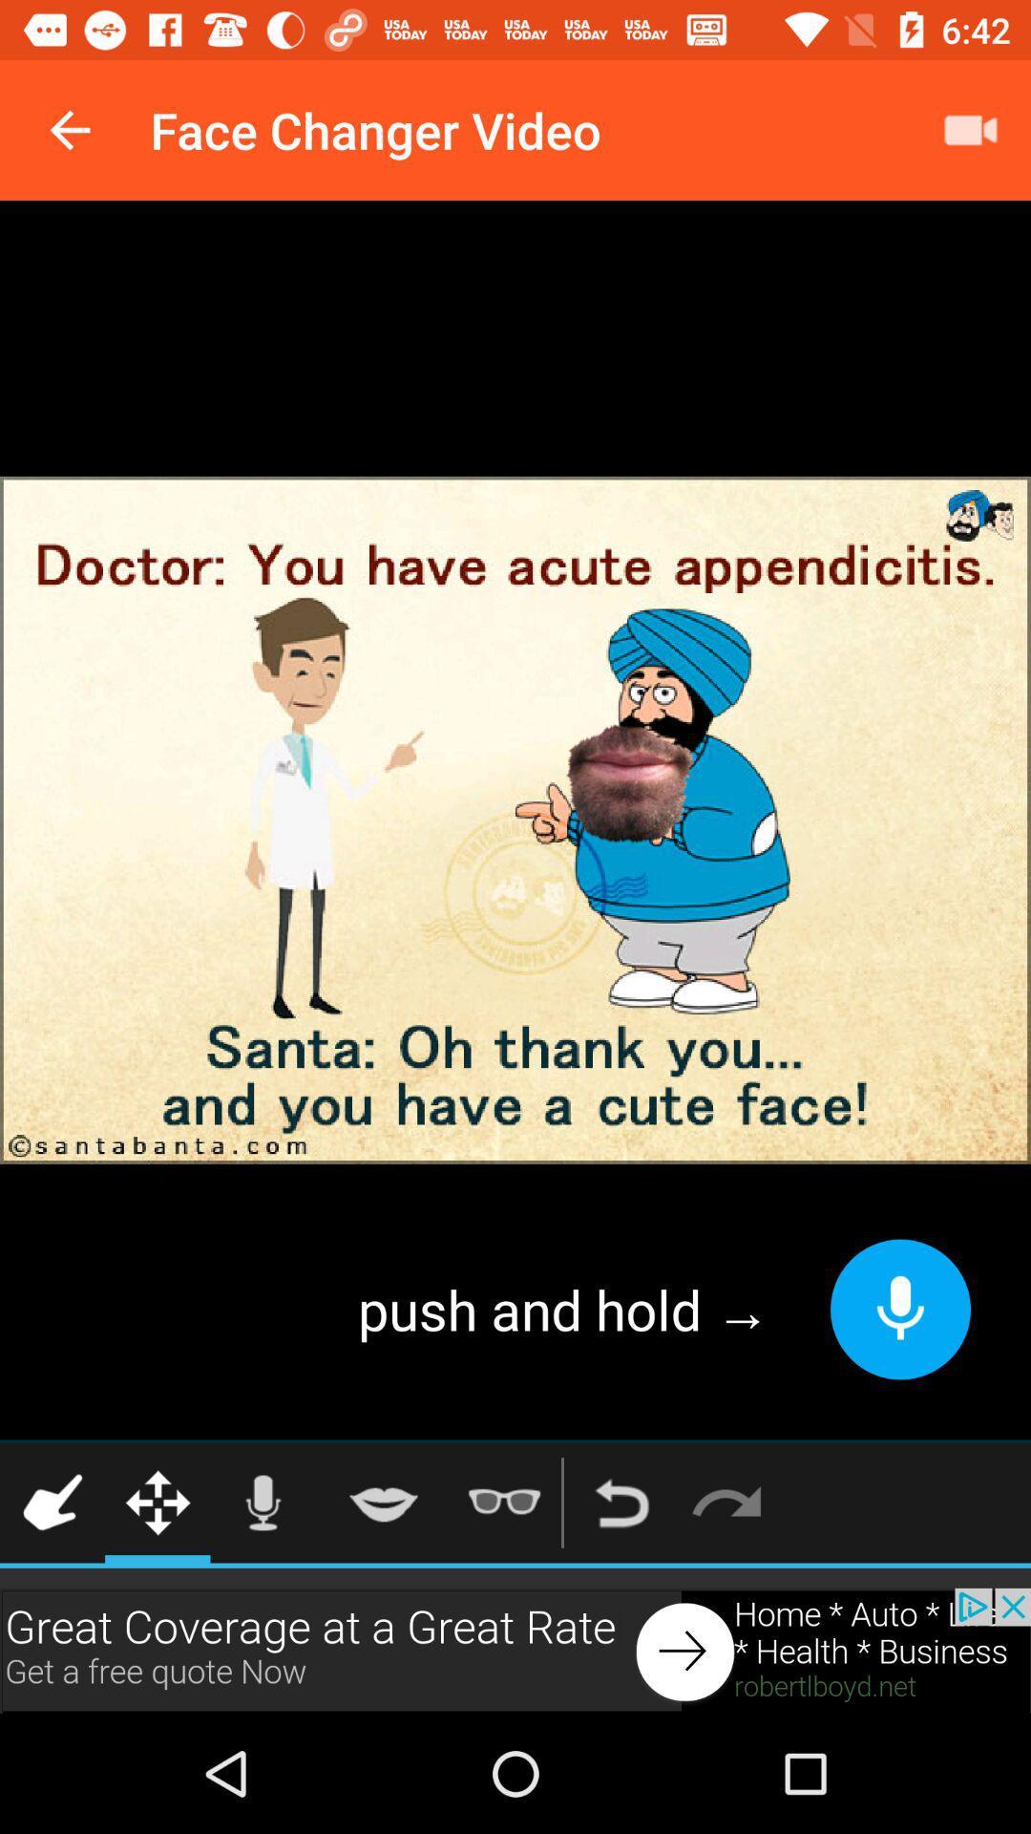 The width and height of the screenshot is (1031, 1834). I want to click on visit advertiser, so click(515, 1650).